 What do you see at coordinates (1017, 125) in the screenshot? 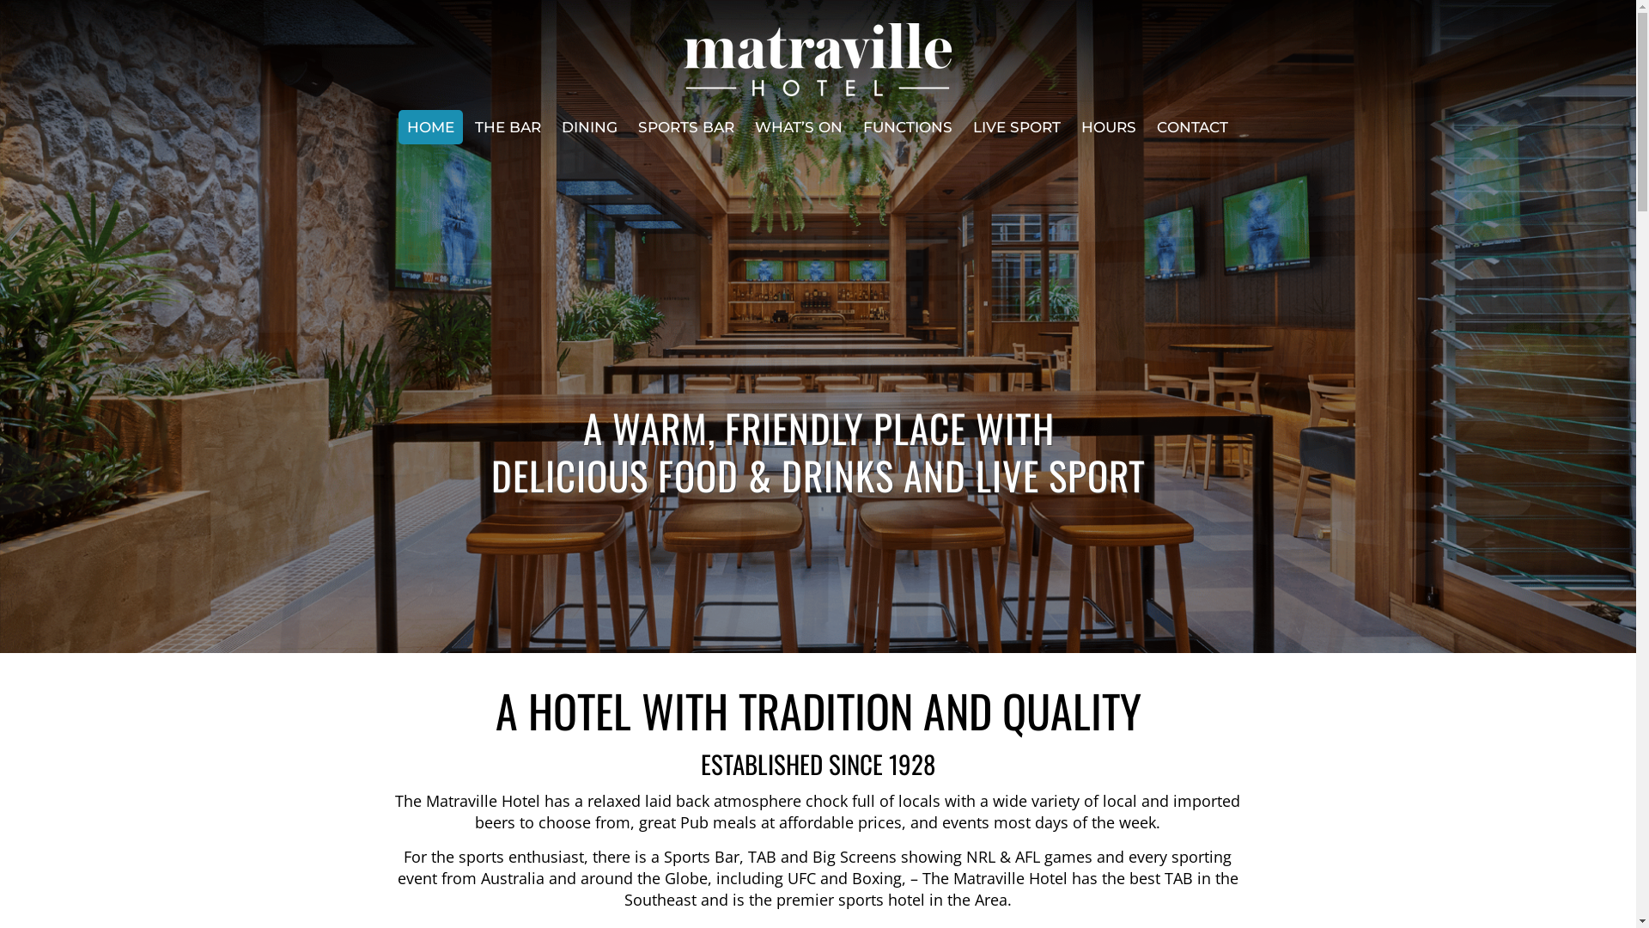
I see `'LIVE SPORT'` at bounding box center [1017, 125].